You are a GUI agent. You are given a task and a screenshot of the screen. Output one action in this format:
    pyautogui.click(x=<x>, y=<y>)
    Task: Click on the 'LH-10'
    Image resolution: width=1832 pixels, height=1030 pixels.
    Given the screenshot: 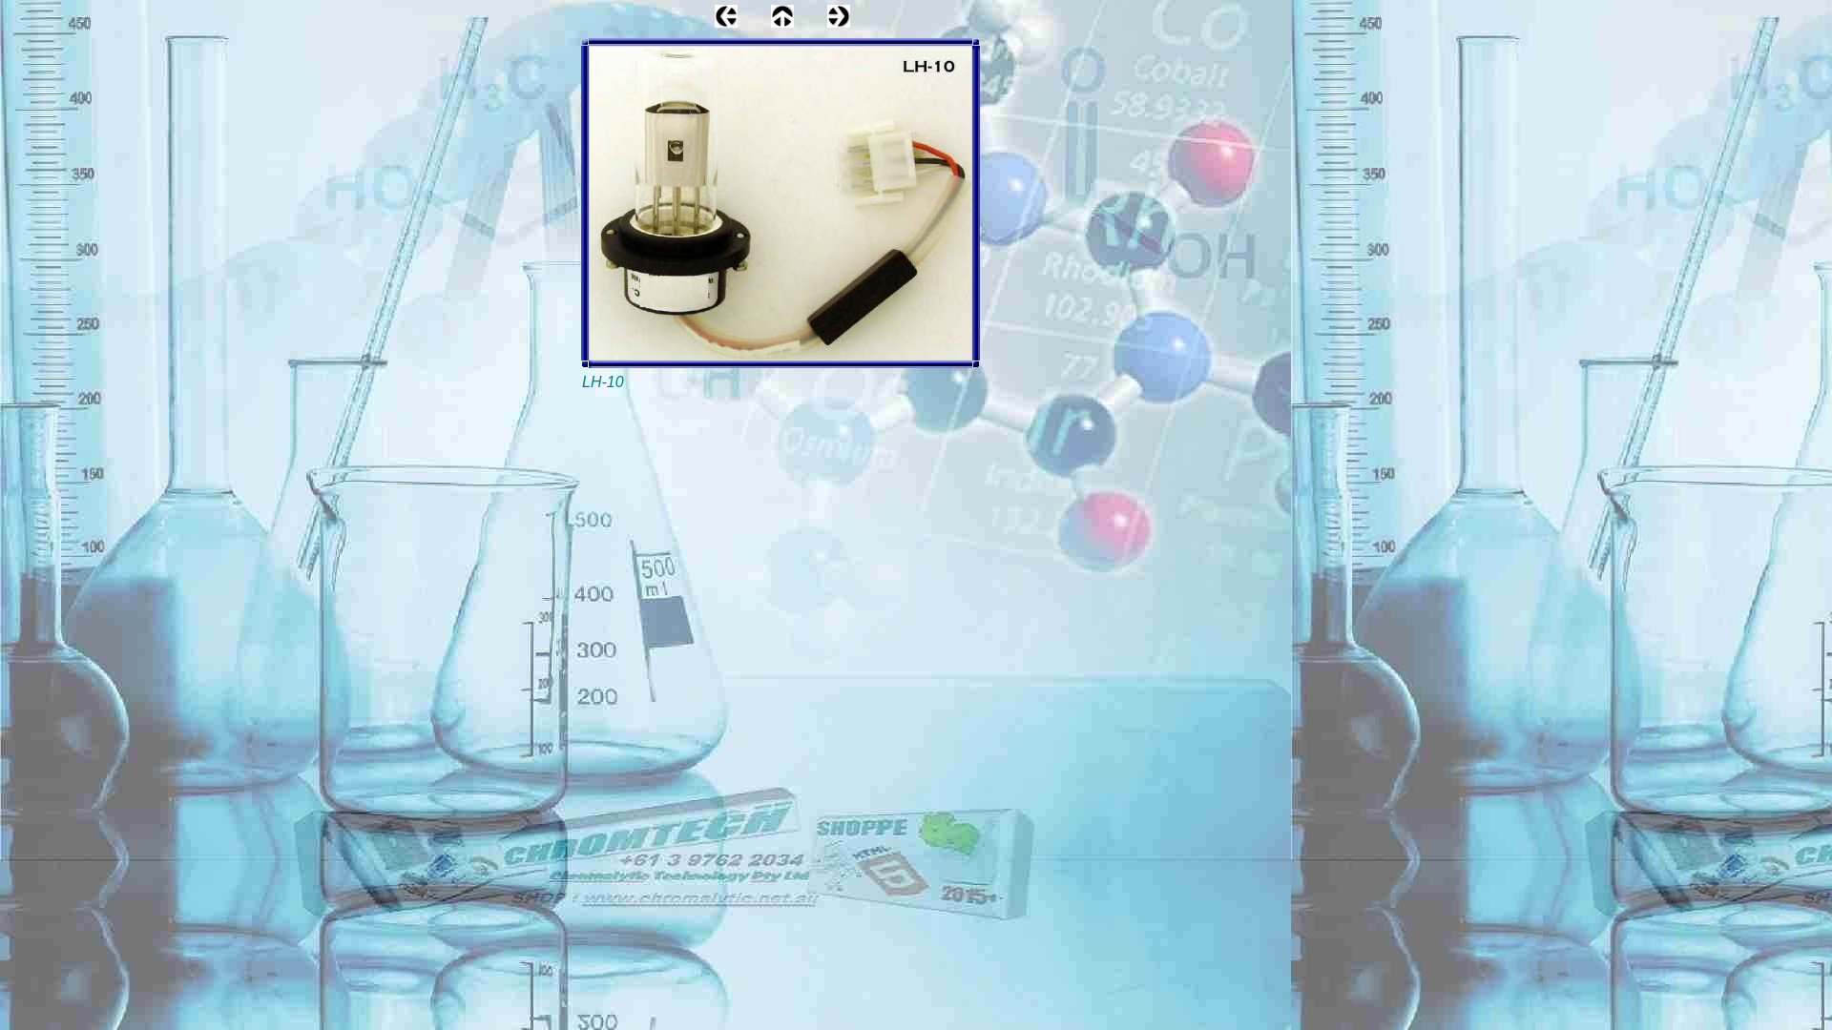 What is the action you would take?
    pyautogui.click(x=780, y=202)
    